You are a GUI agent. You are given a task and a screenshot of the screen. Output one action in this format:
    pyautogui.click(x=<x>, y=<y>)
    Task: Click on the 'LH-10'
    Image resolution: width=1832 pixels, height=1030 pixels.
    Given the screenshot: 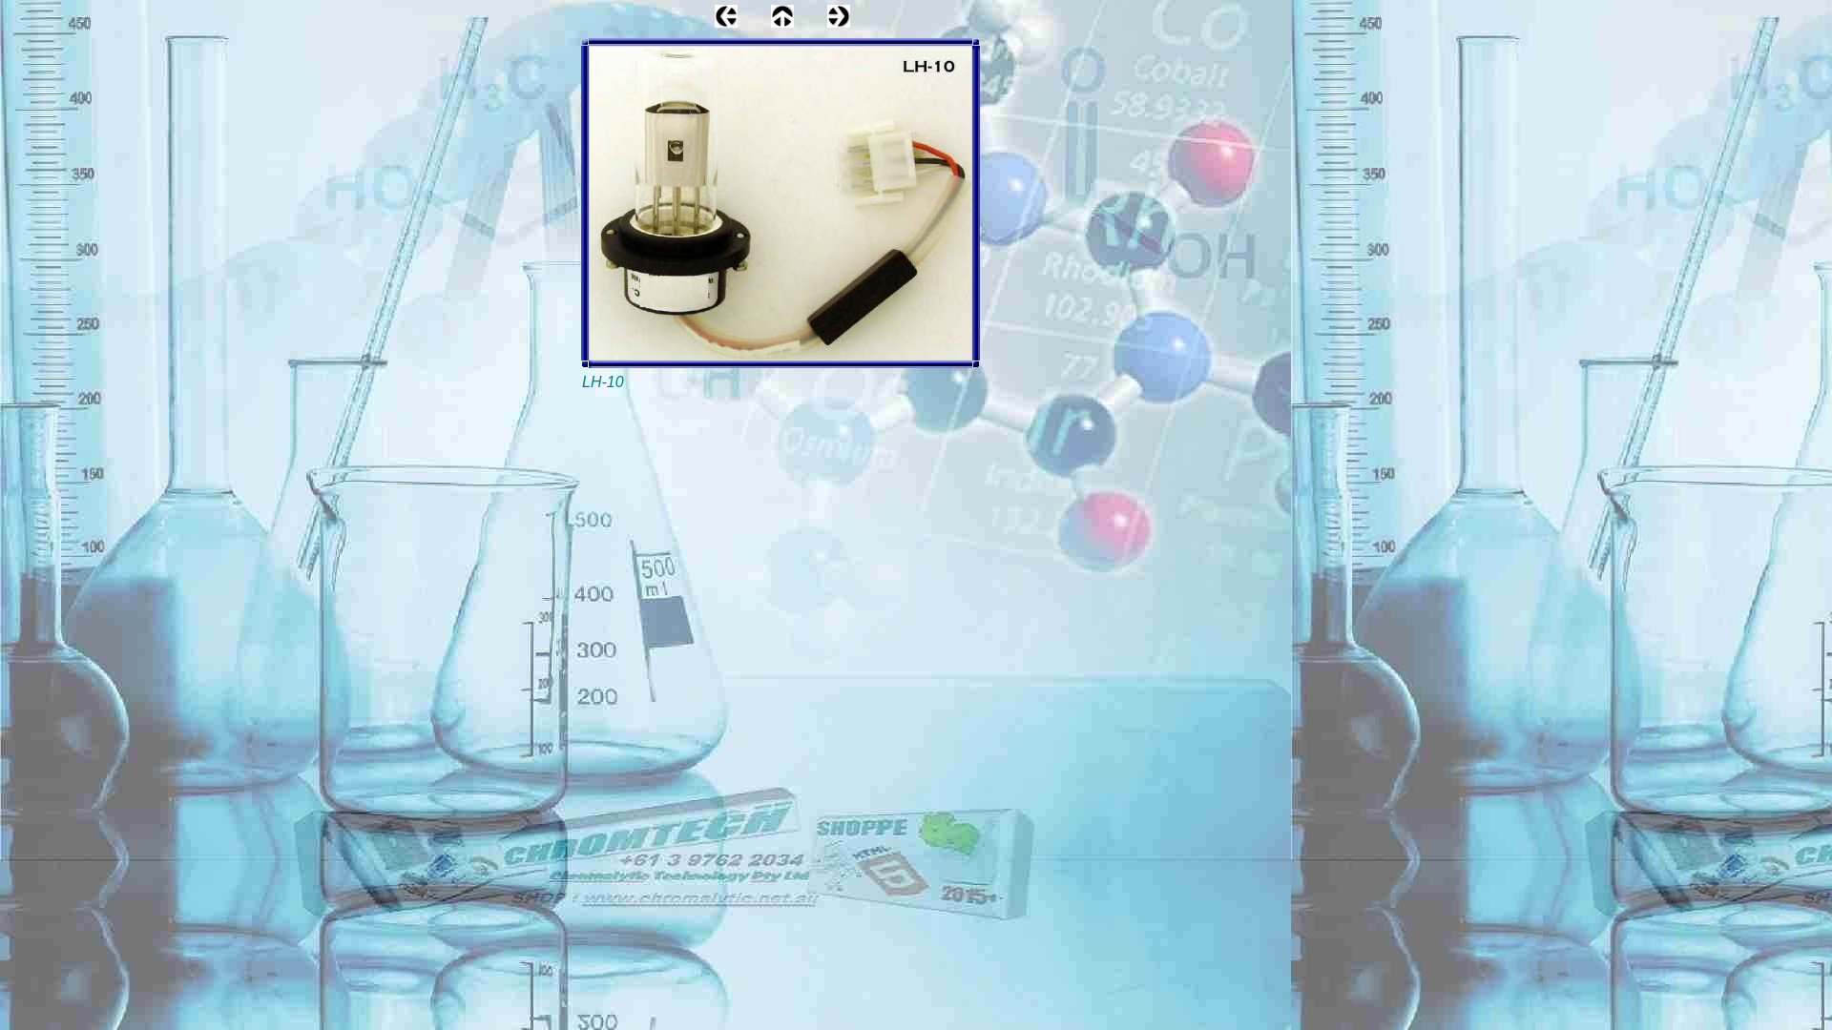 What is the action you would take?
    pyautogui.click(x=780, y=202)
    